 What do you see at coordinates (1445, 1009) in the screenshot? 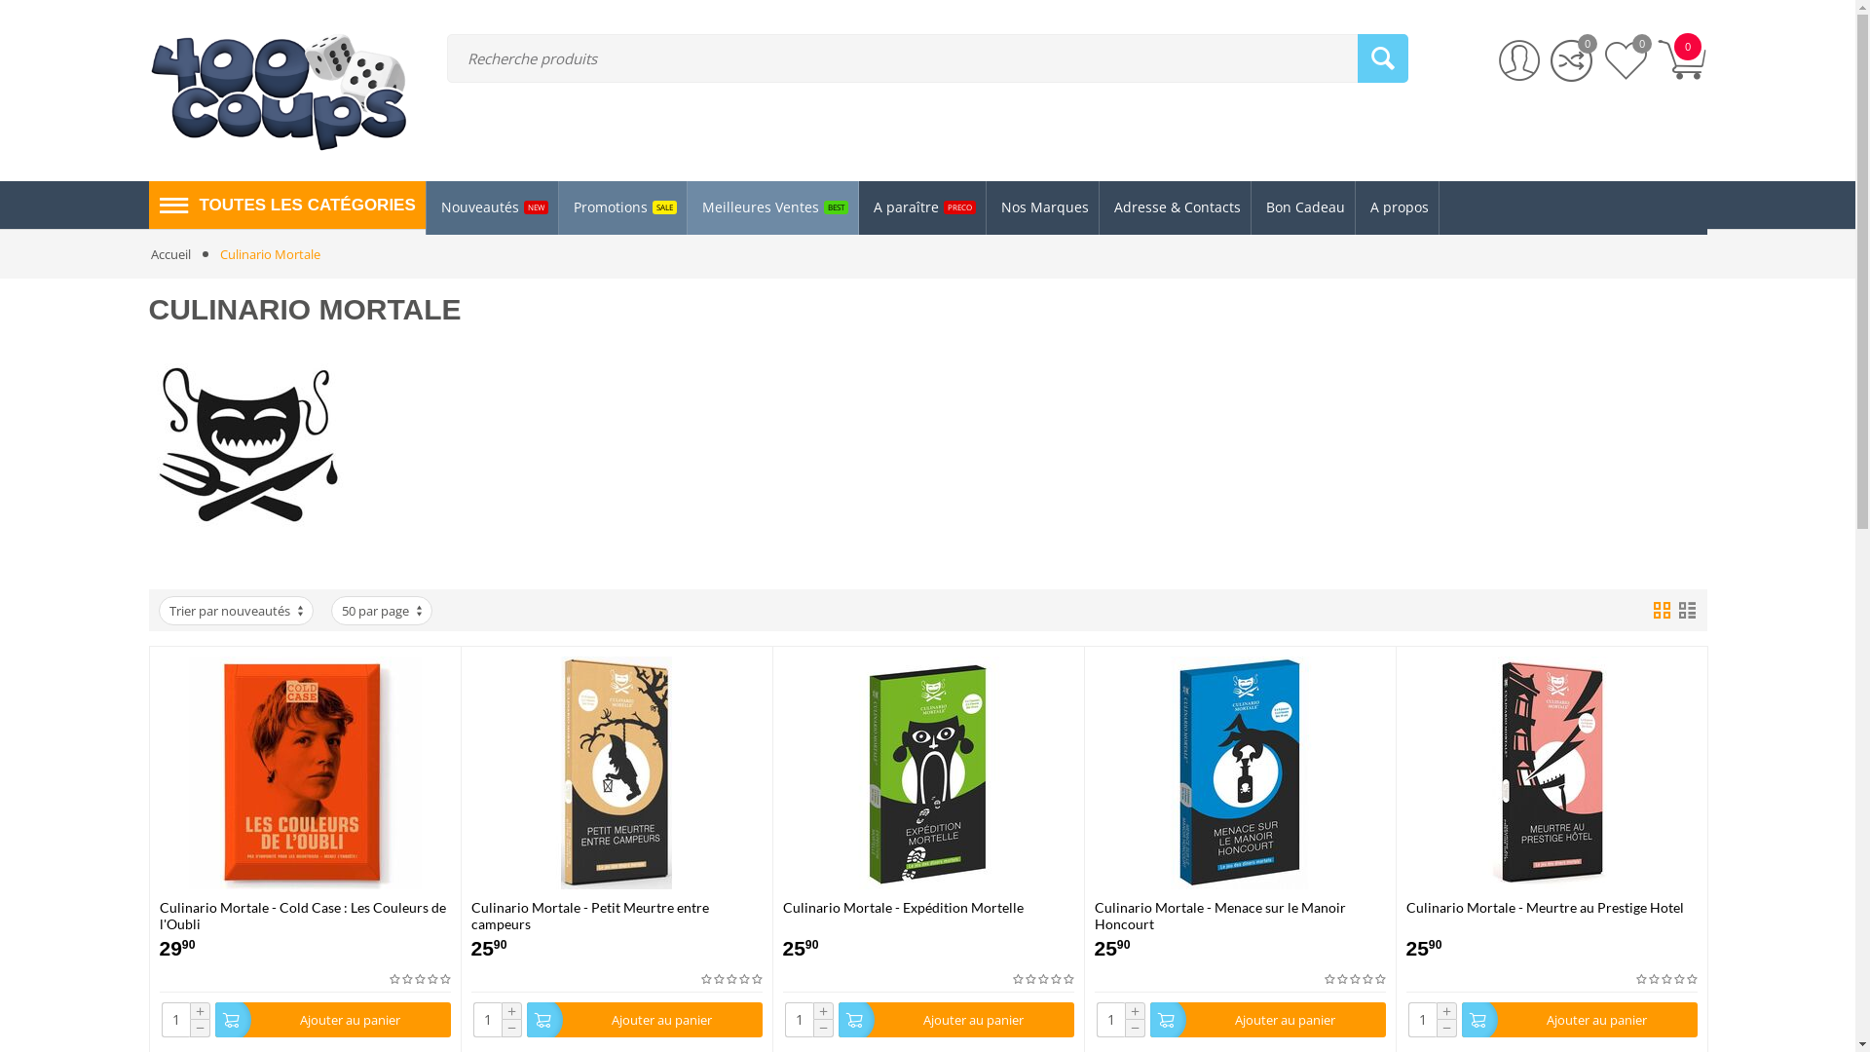
I see `'+'` at bounding box center [1445, 1009].